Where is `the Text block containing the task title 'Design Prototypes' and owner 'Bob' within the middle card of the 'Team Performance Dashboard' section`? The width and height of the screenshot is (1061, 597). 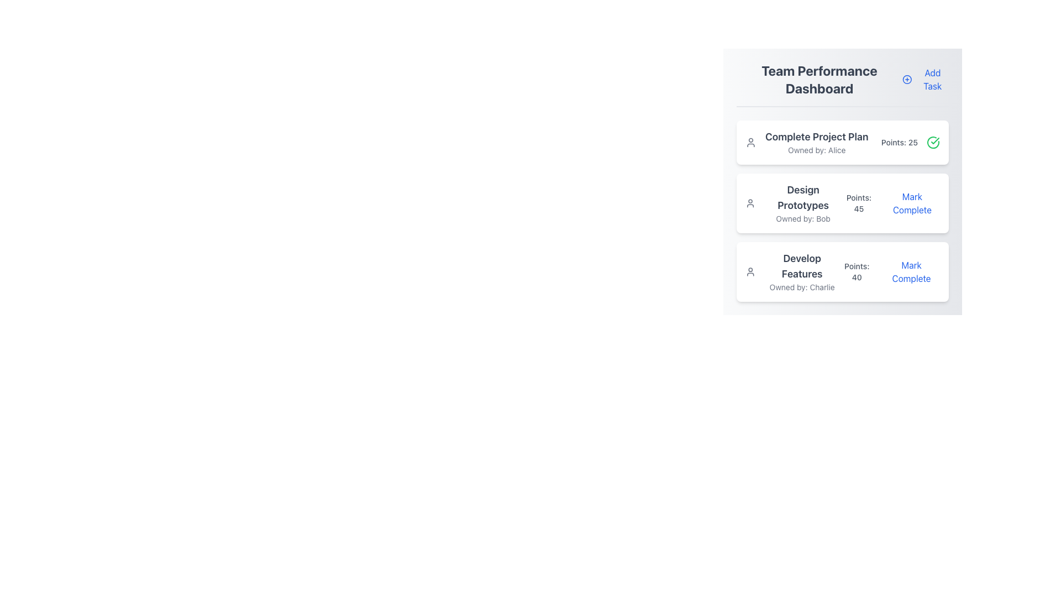 the Text block containing the task title 'Design Prototypes' and owner 'Bob' within the middle card of the 'Team Performance Dashboard' section is located at coordinates (793, 203).